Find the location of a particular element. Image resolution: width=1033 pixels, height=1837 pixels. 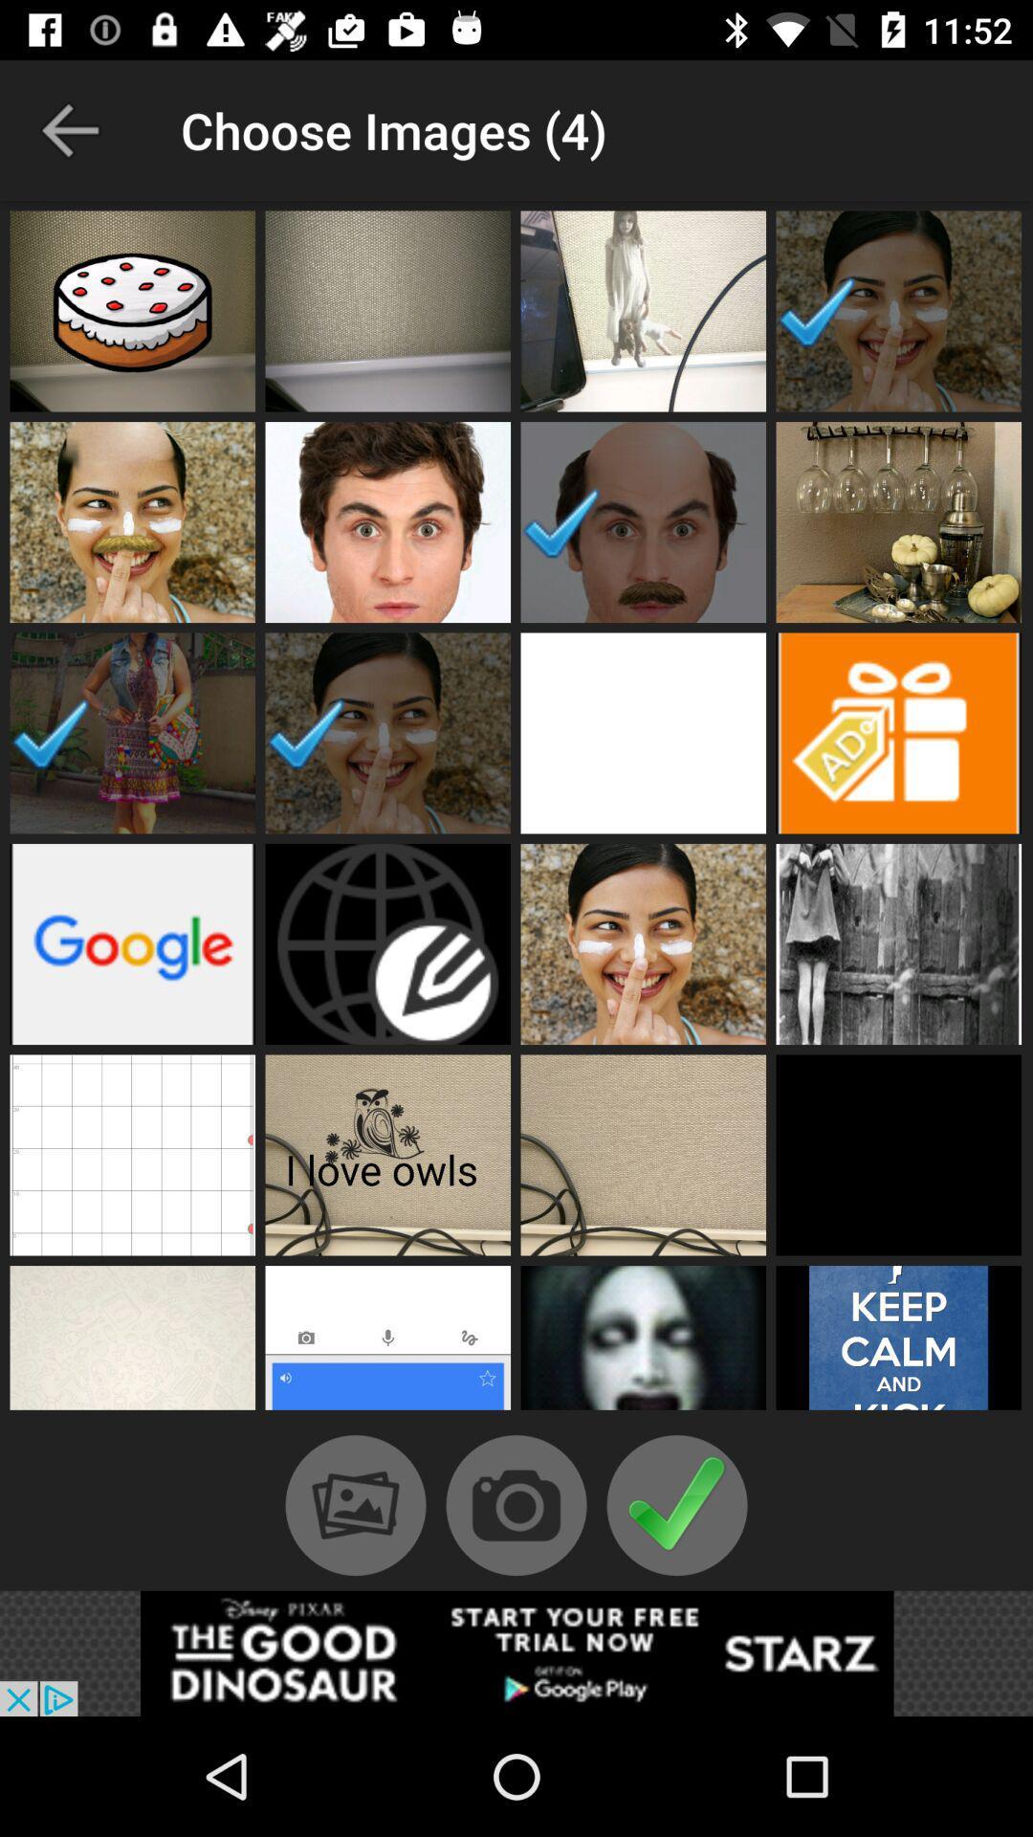

share the article is located at coordinates (516, 1652).